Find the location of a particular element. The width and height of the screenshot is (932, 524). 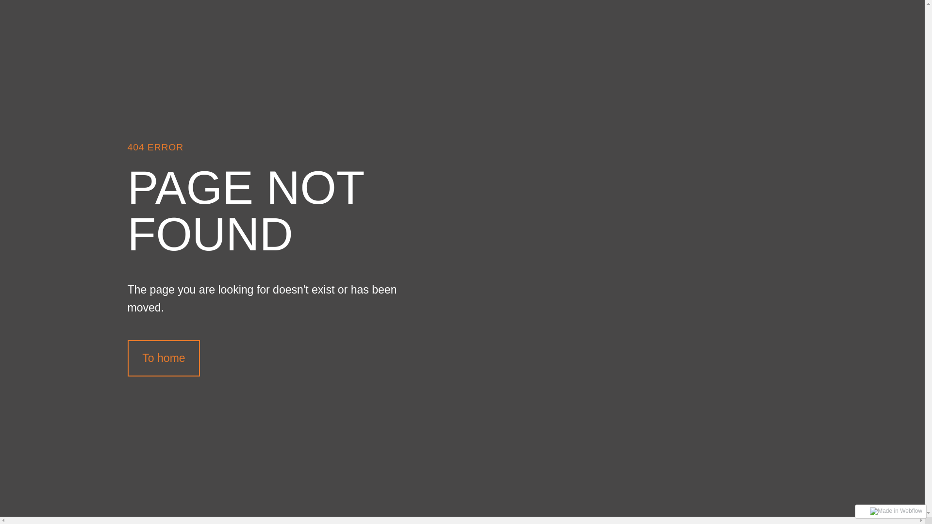

'To home' is located at coordinates (163, 358).